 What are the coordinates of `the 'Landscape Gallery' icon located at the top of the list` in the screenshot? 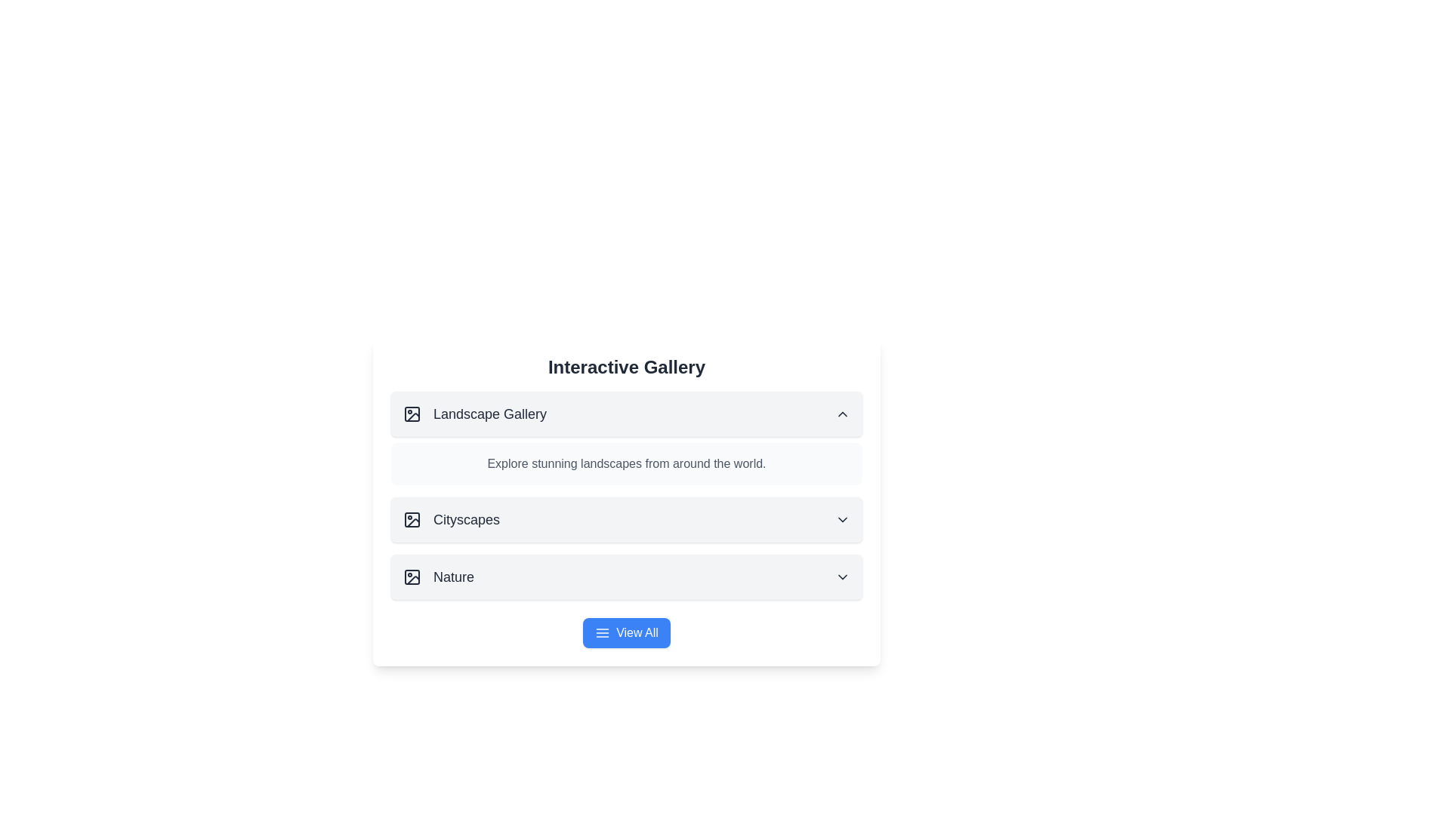 It's located at (412, 414).